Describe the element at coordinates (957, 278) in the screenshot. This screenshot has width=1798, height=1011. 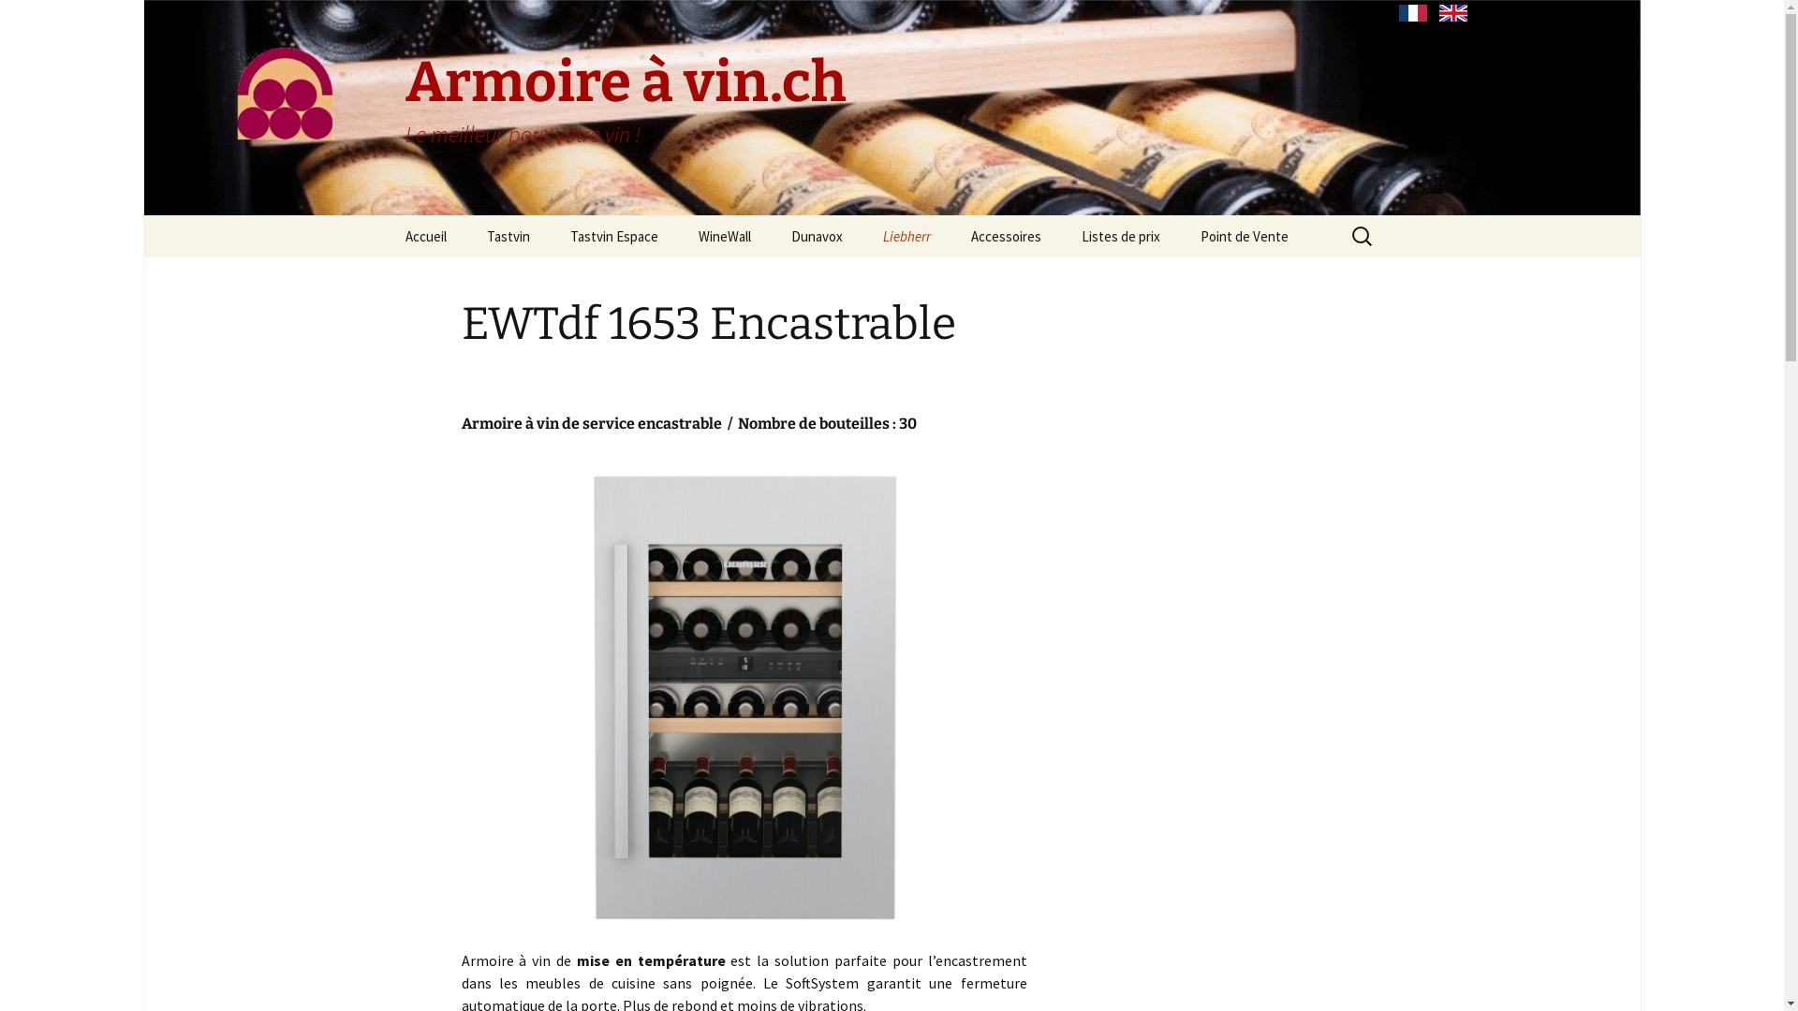
I see `'Liebherr Grand Cru'` at that location.